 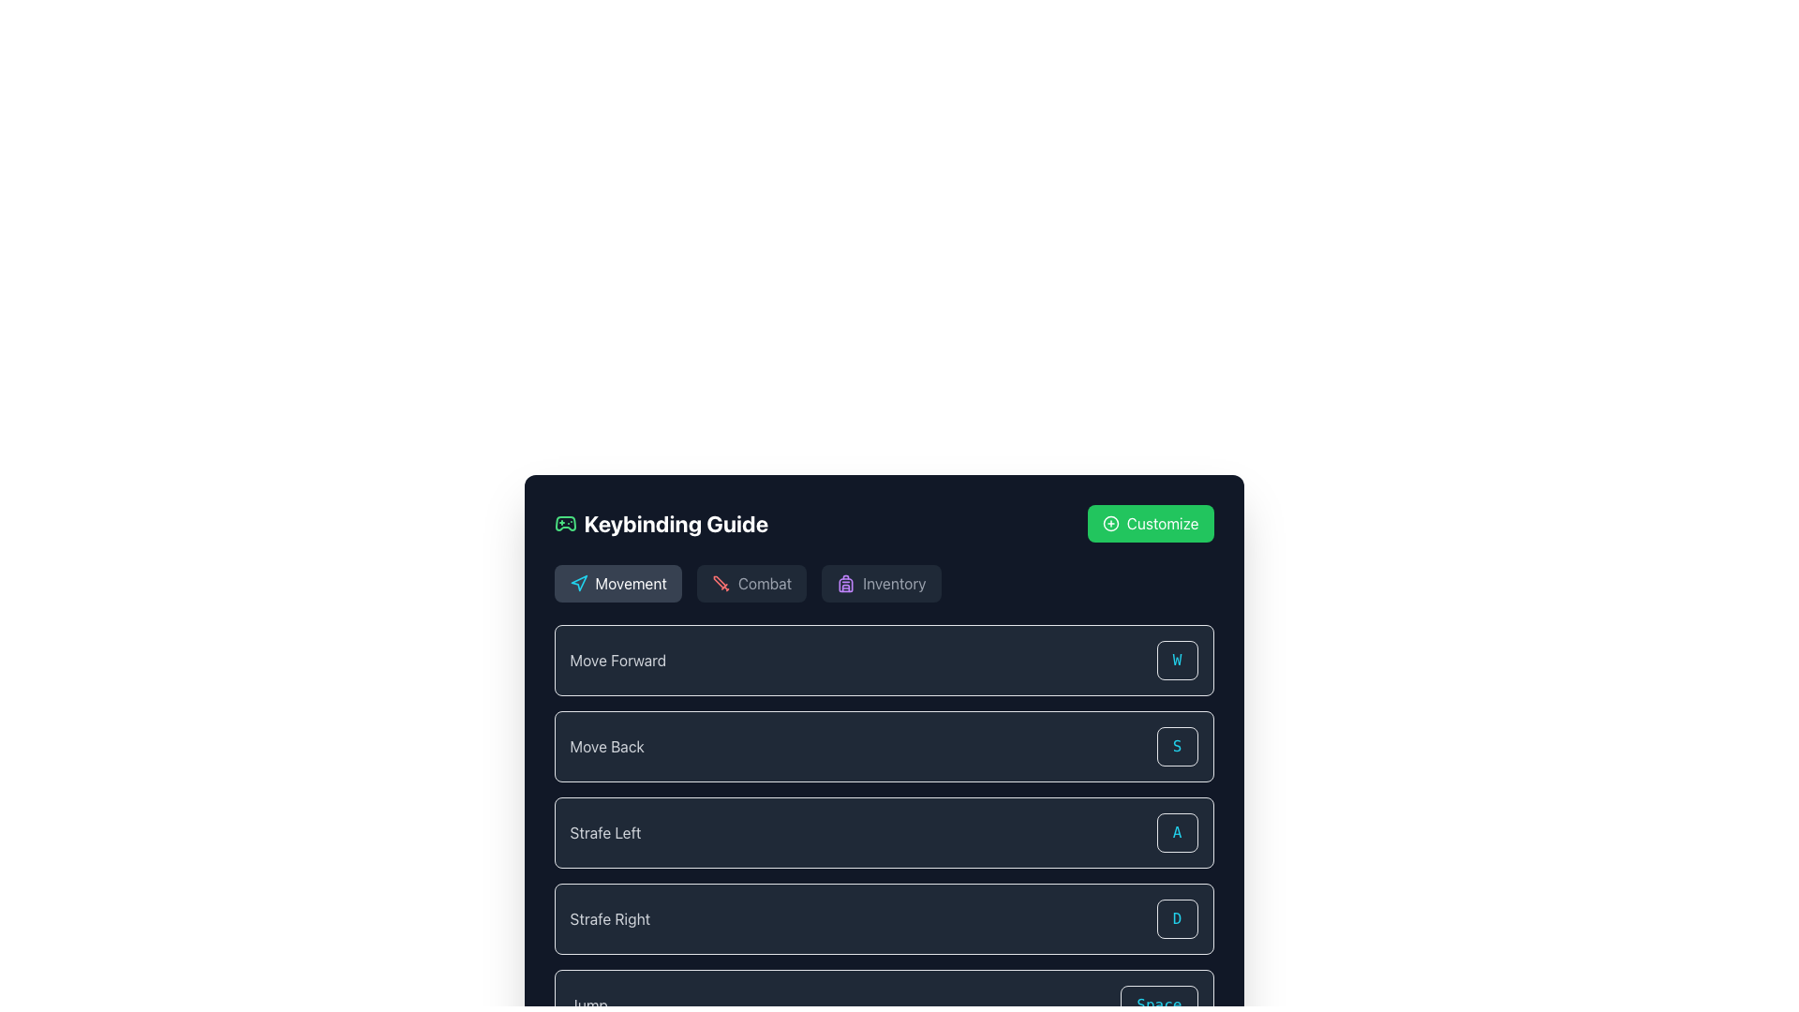 What do you see at coordinates (883, 917) in the screenshot?
I see `the Labeled keybinding item that represents the action 'Strafe Right' associated with the key 'D', located in the vertical list below 'Strafe Left' and above 'Jump'` at bounding box center [883, 917].